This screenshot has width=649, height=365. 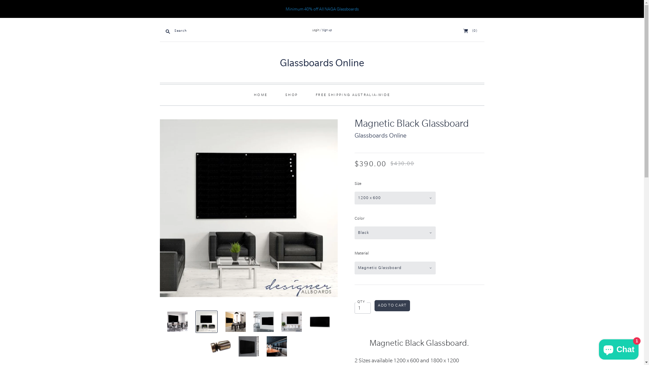 What do you see at coordinates (326, 29) in the screenshot?
I see `'Sign up'` at bounding box center [326, 29].